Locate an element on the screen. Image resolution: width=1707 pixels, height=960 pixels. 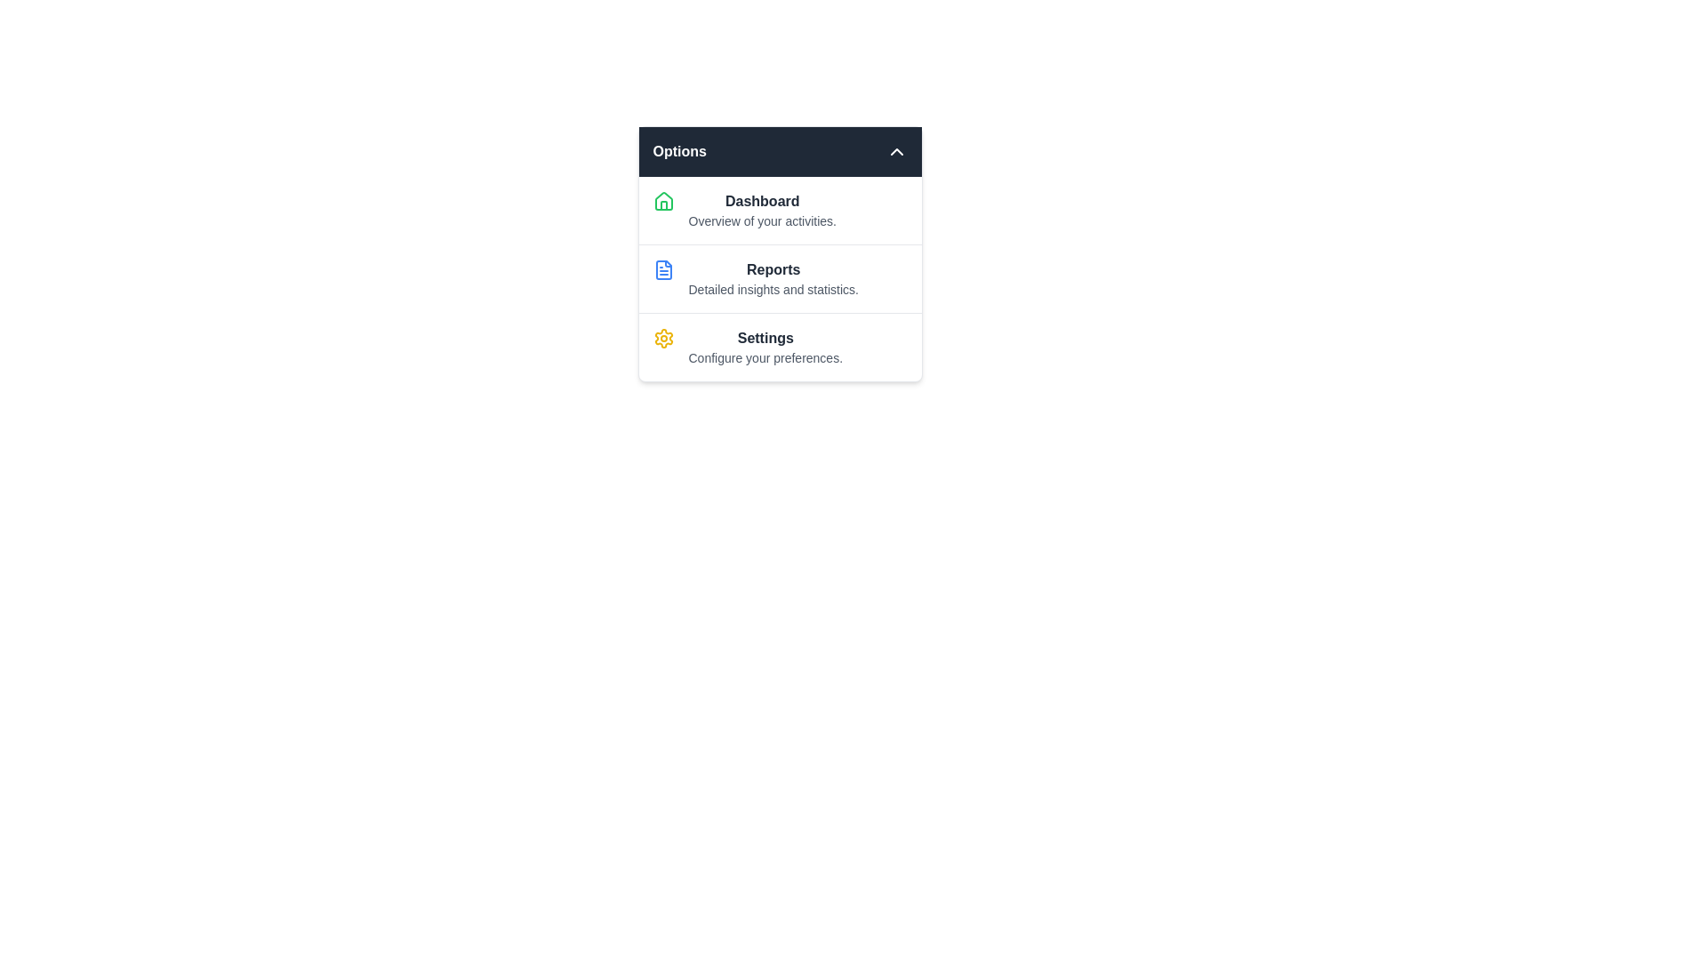
the descriptive subtitle located directly beneath the 'Reports' text in the 'Options' menu section is located at coordinates (773, 289).